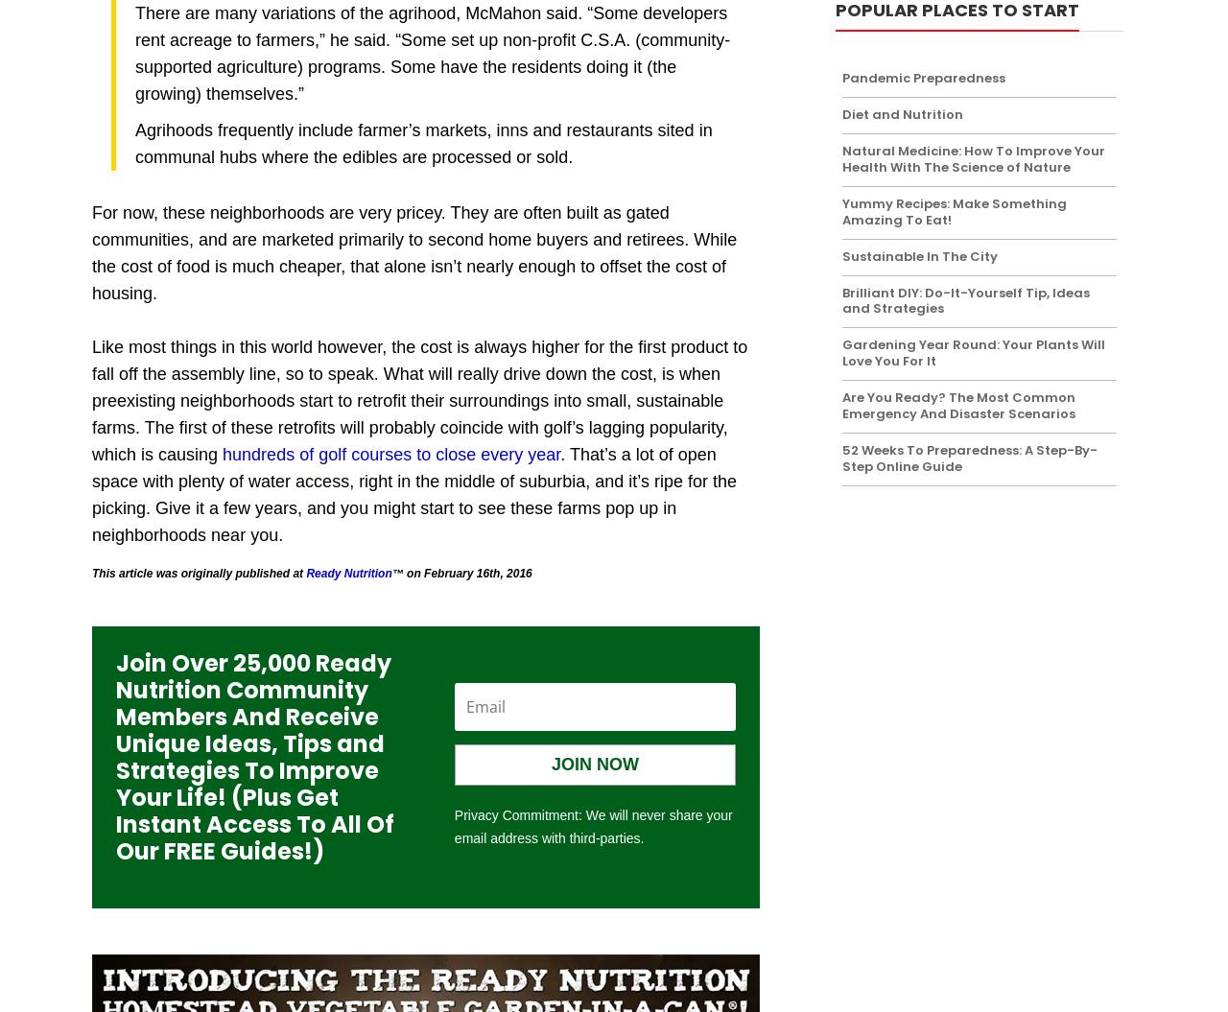 The image size is (1228, 1012). I want to click on 'For now, these neighborhoods are very pricey. They are often built as gated communities, and are marketed primarily to second home buyers and retirees. While the cost of food is much cheaper, that alone isn’t nearly enough to offset the cost of housing.', so click(413, 252).